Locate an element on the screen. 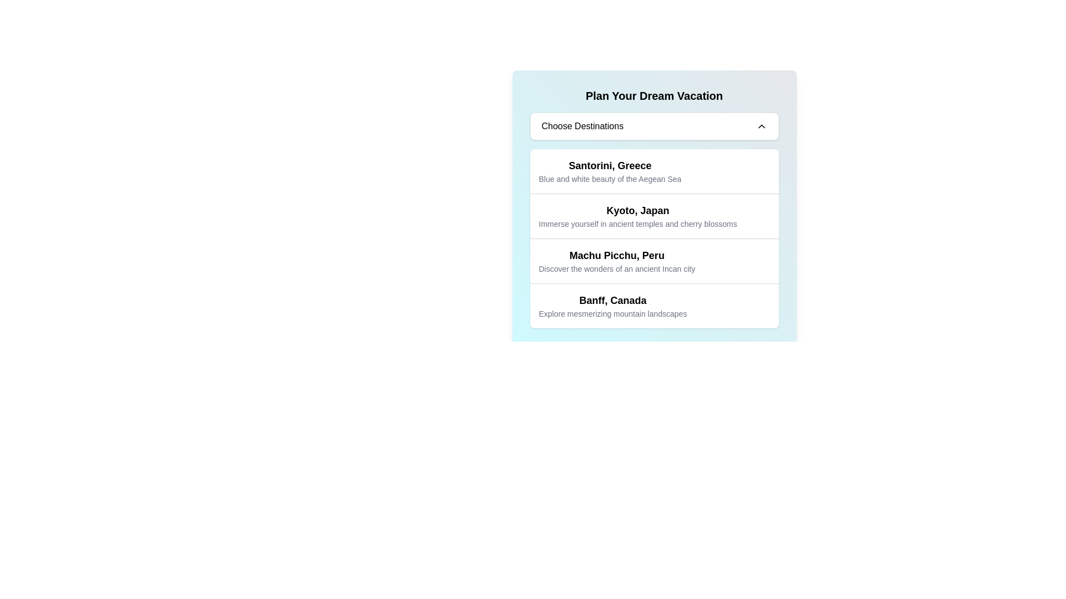 The image size is (1066, 599). the descriptive text label for the 'Banff, Canada' destination, which is located directly below the title in the fourth item of the selectable list is located at coordinates (612, 314).